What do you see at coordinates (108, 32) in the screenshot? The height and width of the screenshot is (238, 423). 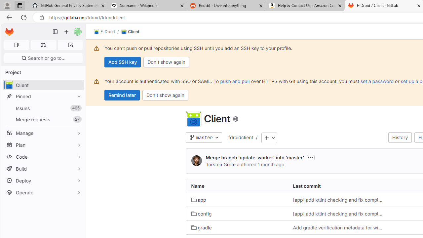 I see `'F-Droid/'` at bounding box center [108, 32].